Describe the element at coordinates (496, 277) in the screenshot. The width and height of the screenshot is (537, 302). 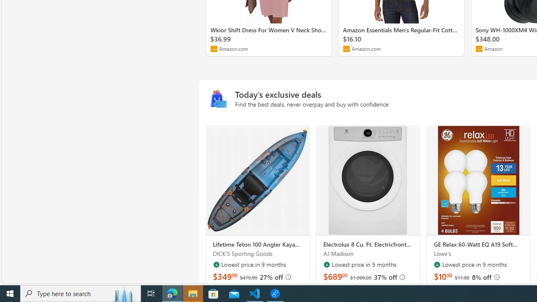
I see `'info'` at that location.